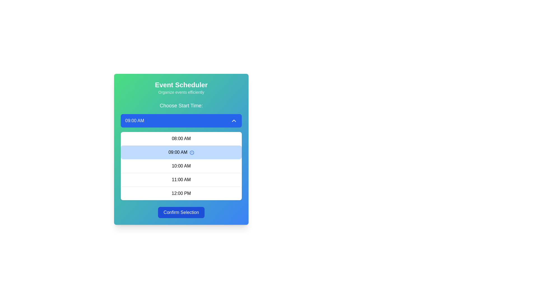  Describe the element at coordinates (181, 193) in the screenshot. I see `the '12:00 PM' text item in the dropdown menu` at that location.